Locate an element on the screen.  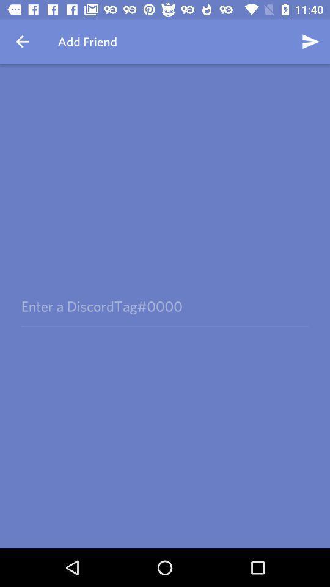
a username is located at coordinates (164, 306).